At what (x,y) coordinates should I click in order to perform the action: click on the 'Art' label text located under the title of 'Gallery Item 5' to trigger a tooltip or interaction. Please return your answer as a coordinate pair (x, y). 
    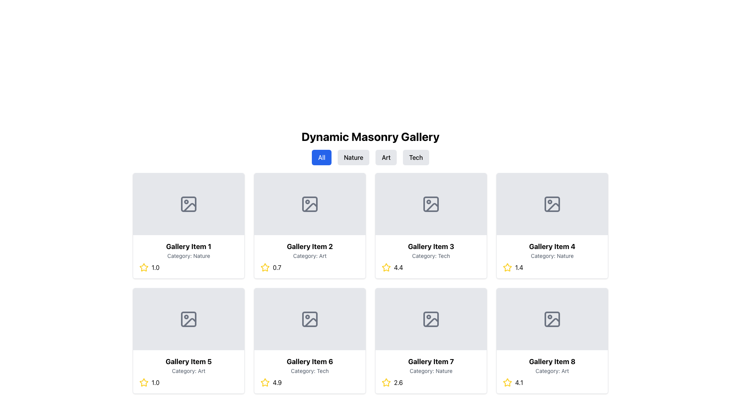
    Looking at the image, I should click on (189, 370).